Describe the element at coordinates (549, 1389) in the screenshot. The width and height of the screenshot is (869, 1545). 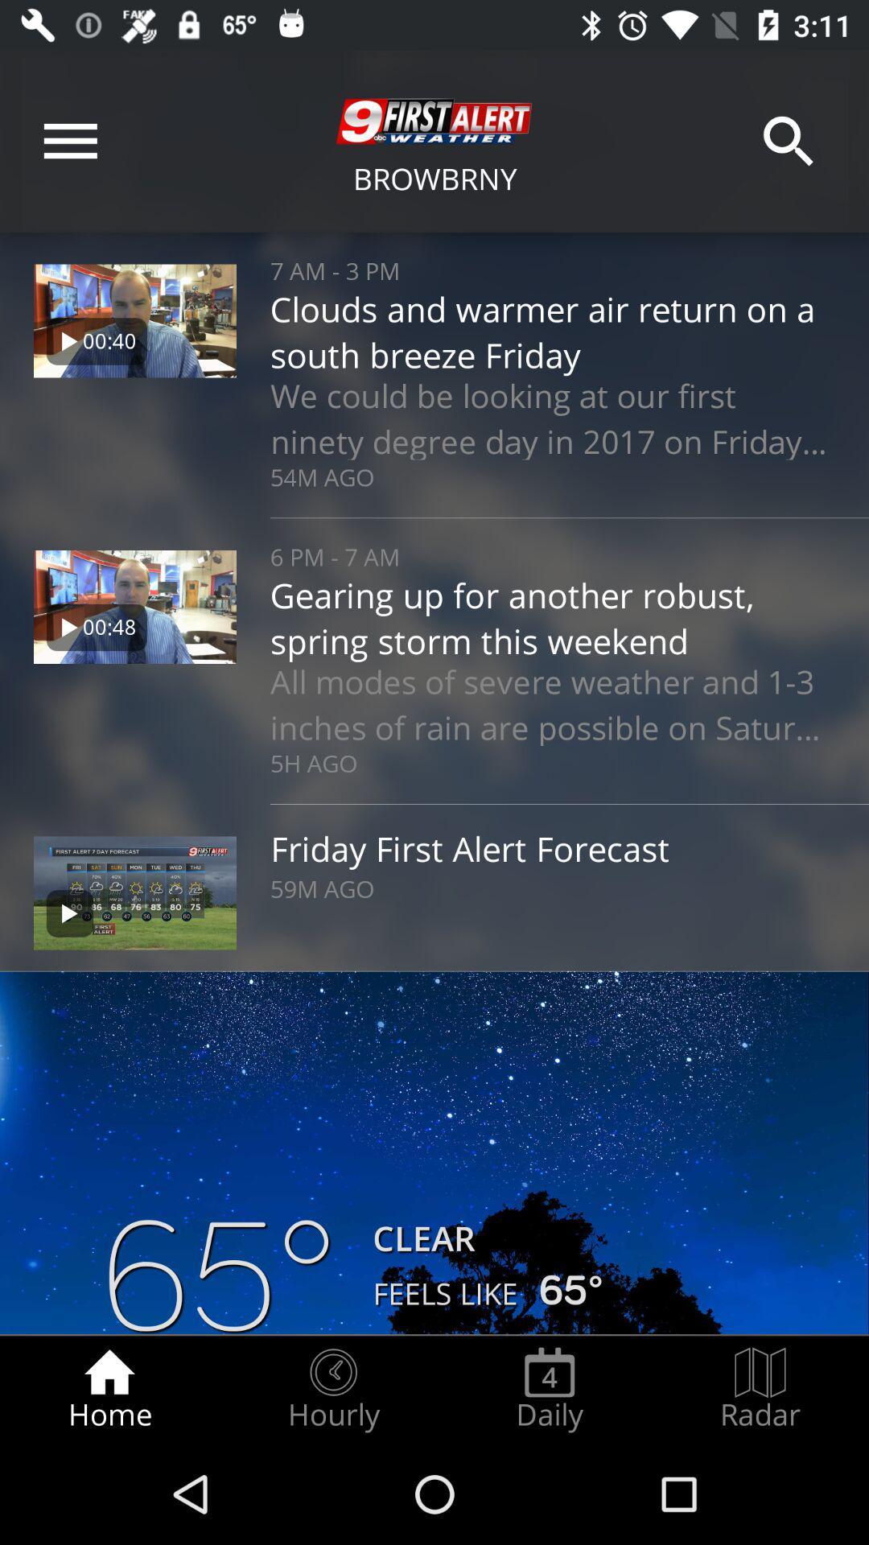
I see `the radio button to the right of the hourly icon` at that location.